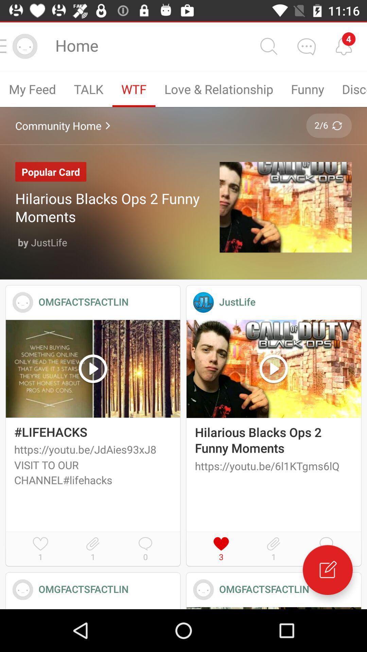 The height and width of the screenshot is (652, 367). I want to click on the edit icon, so click(327, 570).